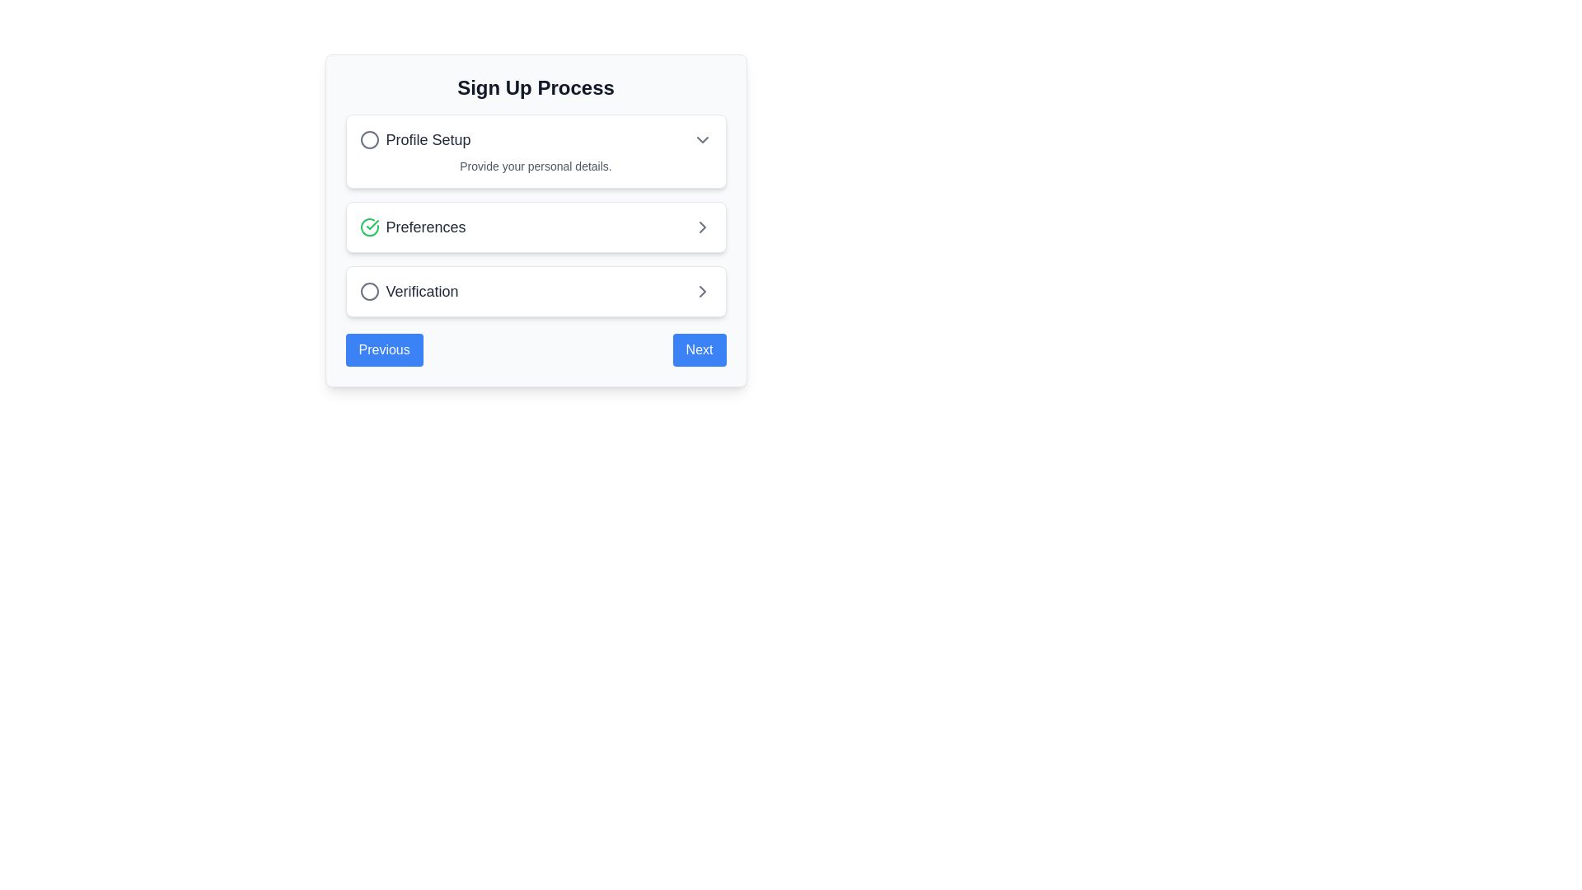 The height and width of the screenshot is (890, 1582). Describe the element at coordinates (368, 291) in the screenshot. I see `the Status or indicator icon representing the Verification step in the multi-step process, which is the third icon aligned vertically to the left of the 'Verification' text` at that location.